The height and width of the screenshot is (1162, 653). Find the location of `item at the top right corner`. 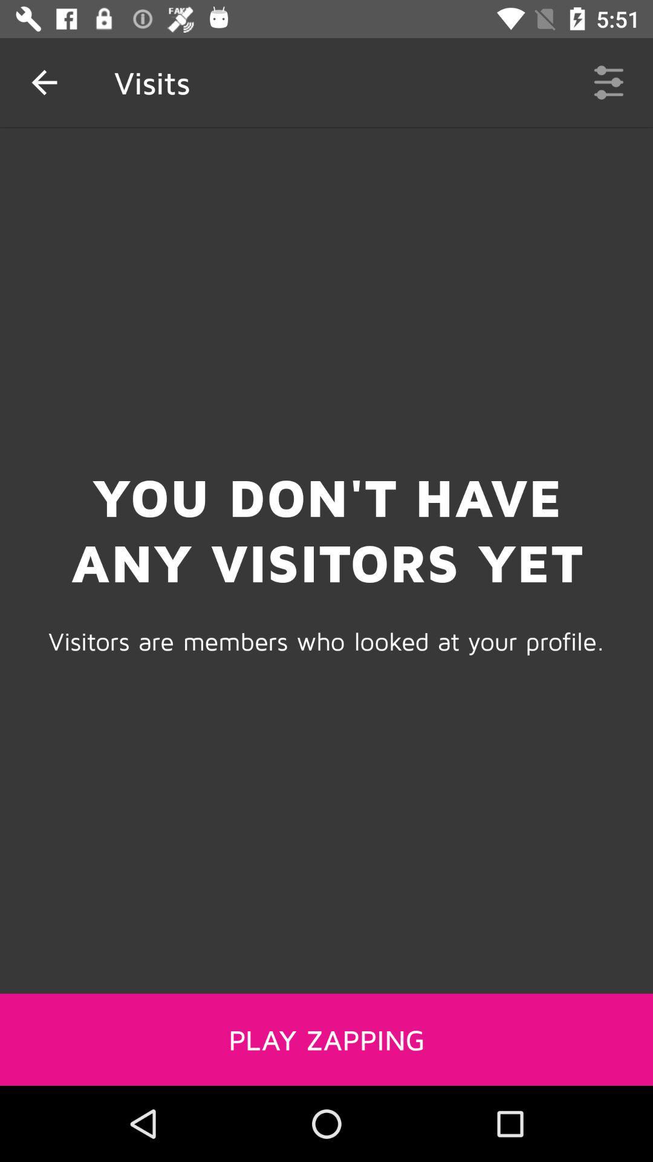

item at the top right corner is located at coordinates (608, 82).